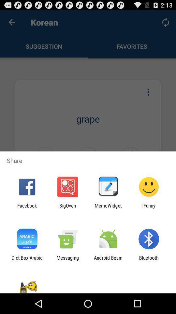 Image resolution: width=176 pixels, height=314 pixels. Describe the element at coordinates (27, 260) in the screenshot. I see `the icon next to the messaging item` at that location.